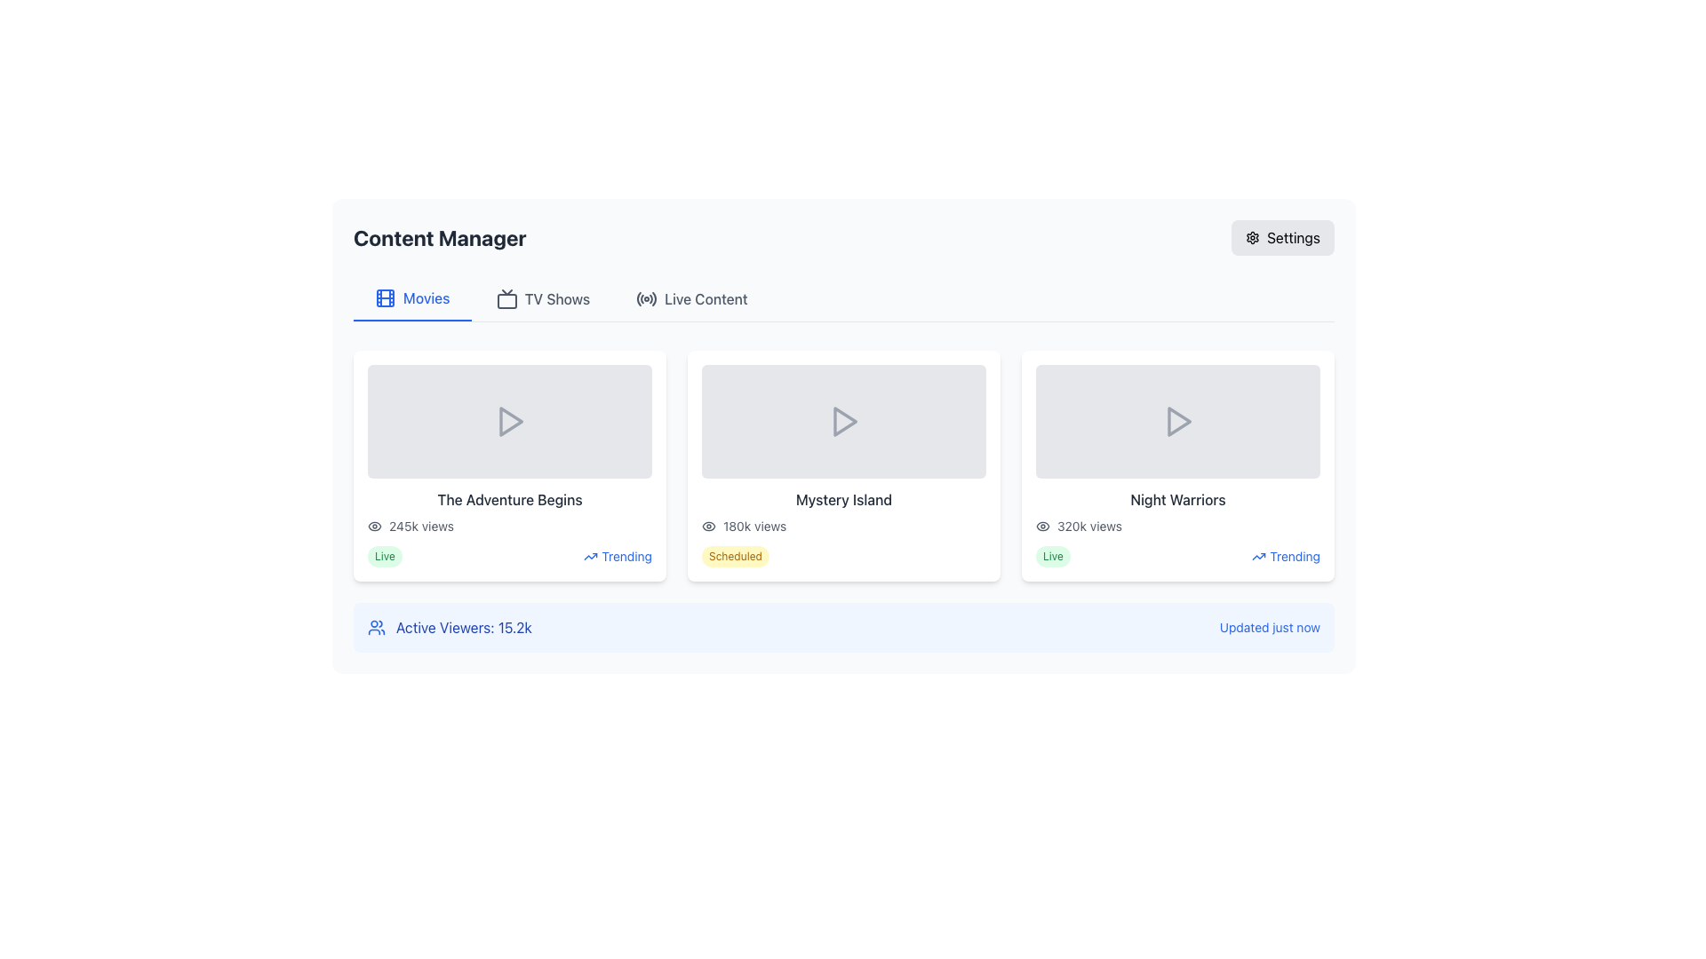  I want to click on the Text Label located in the lower section of the rightmost content card, directly below the video thumbnail area, so click(1177, 500).